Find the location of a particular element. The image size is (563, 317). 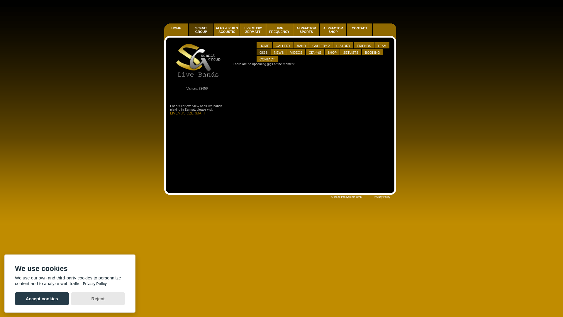

'TEAM' is located at coordinates (382, 45).